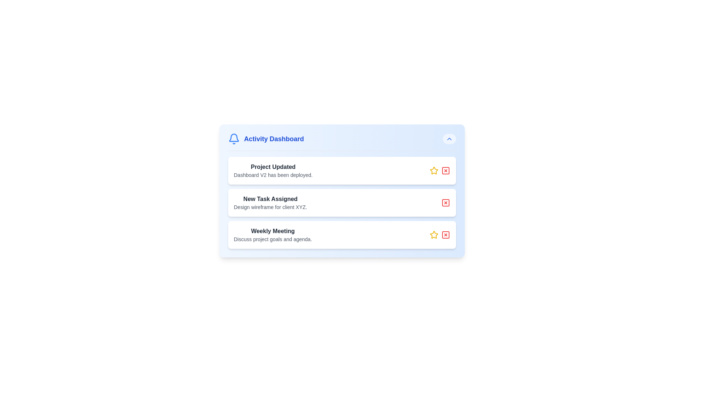 This screenshot has height=394, width=701. I want to click on the Text Label that provides additional details about the 'Weekly Meeting' card, located to the right of the title in the bottom section of the card, so click(272, 239).